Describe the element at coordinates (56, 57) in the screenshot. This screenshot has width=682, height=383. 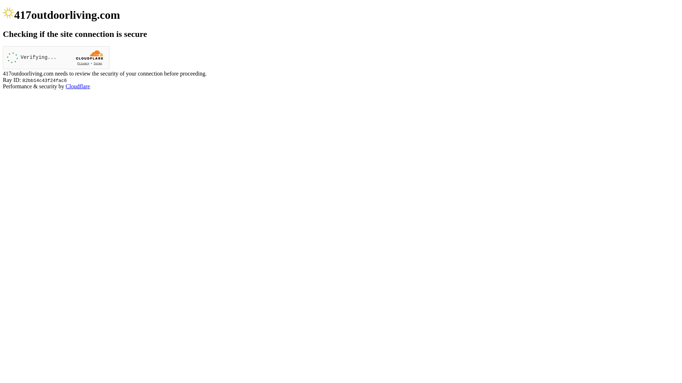
I see `'Widget containing a Cloudflare security challenge'` at that location.